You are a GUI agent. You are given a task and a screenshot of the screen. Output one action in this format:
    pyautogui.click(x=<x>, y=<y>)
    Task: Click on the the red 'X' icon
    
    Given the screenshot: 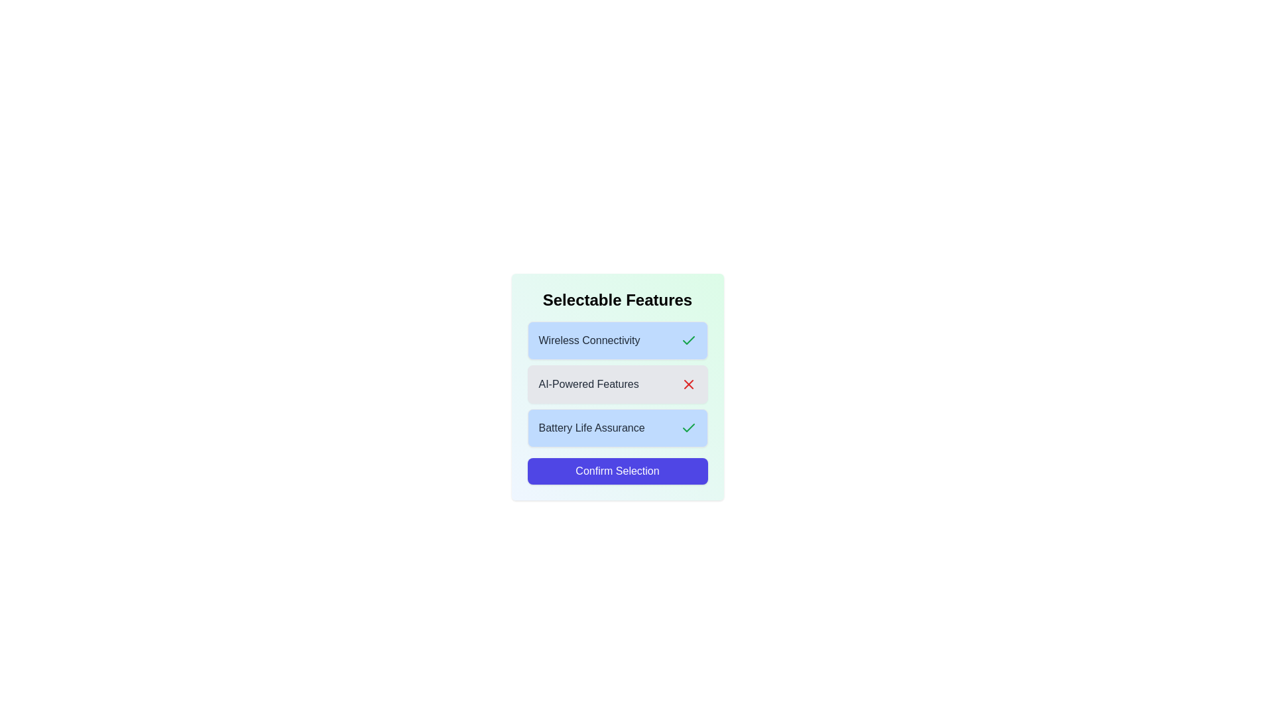 What is the action you would take?
    pyautogui.click(x=688, y=384)
    